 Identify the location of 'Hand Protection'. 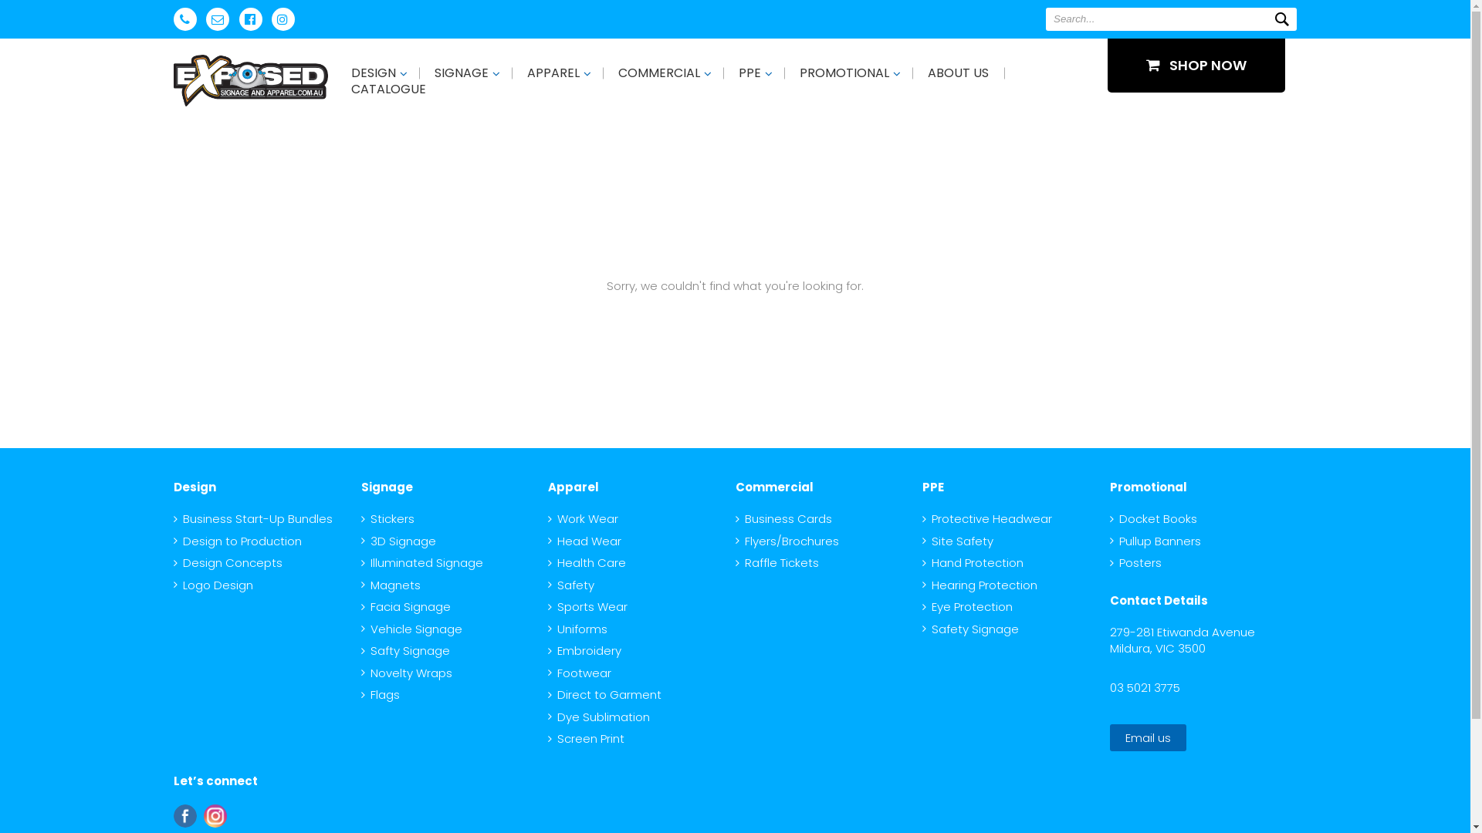
(972, 562).